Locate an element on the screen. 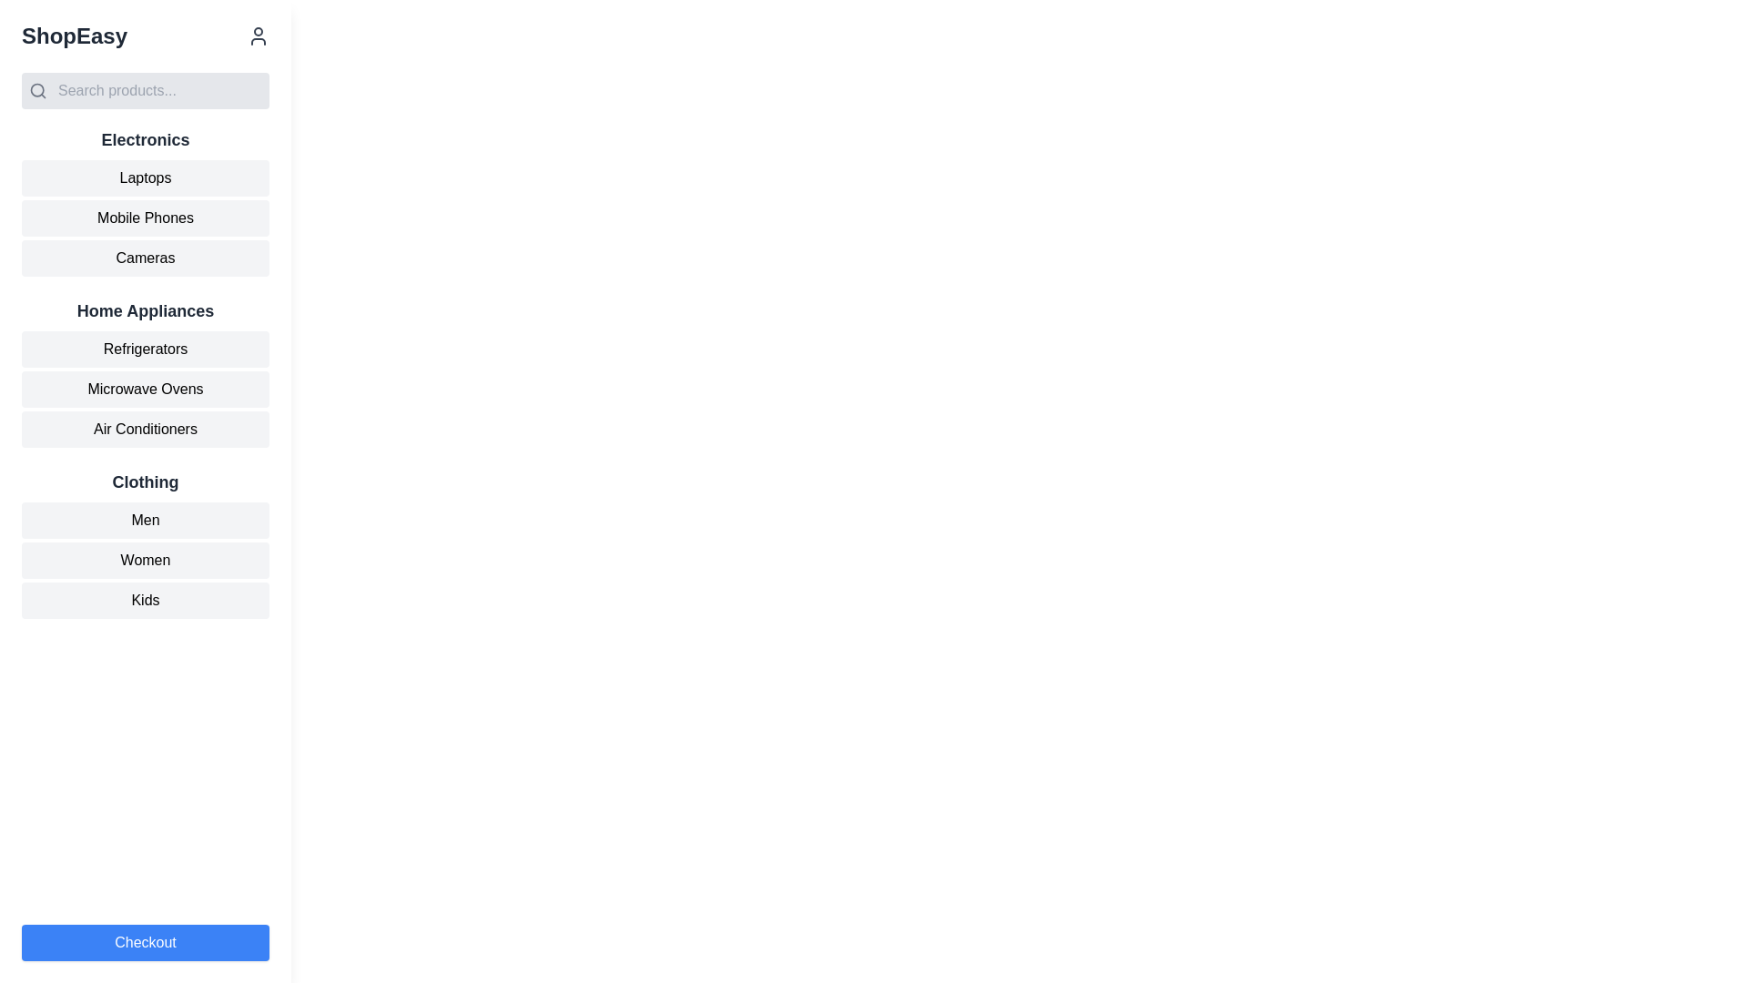 Image resolution: width=1748 pixels, height=983 pixels. the second menu item in the 'Home Appliances' section, which links to microwave ovens is located at coordinates (144, 389).